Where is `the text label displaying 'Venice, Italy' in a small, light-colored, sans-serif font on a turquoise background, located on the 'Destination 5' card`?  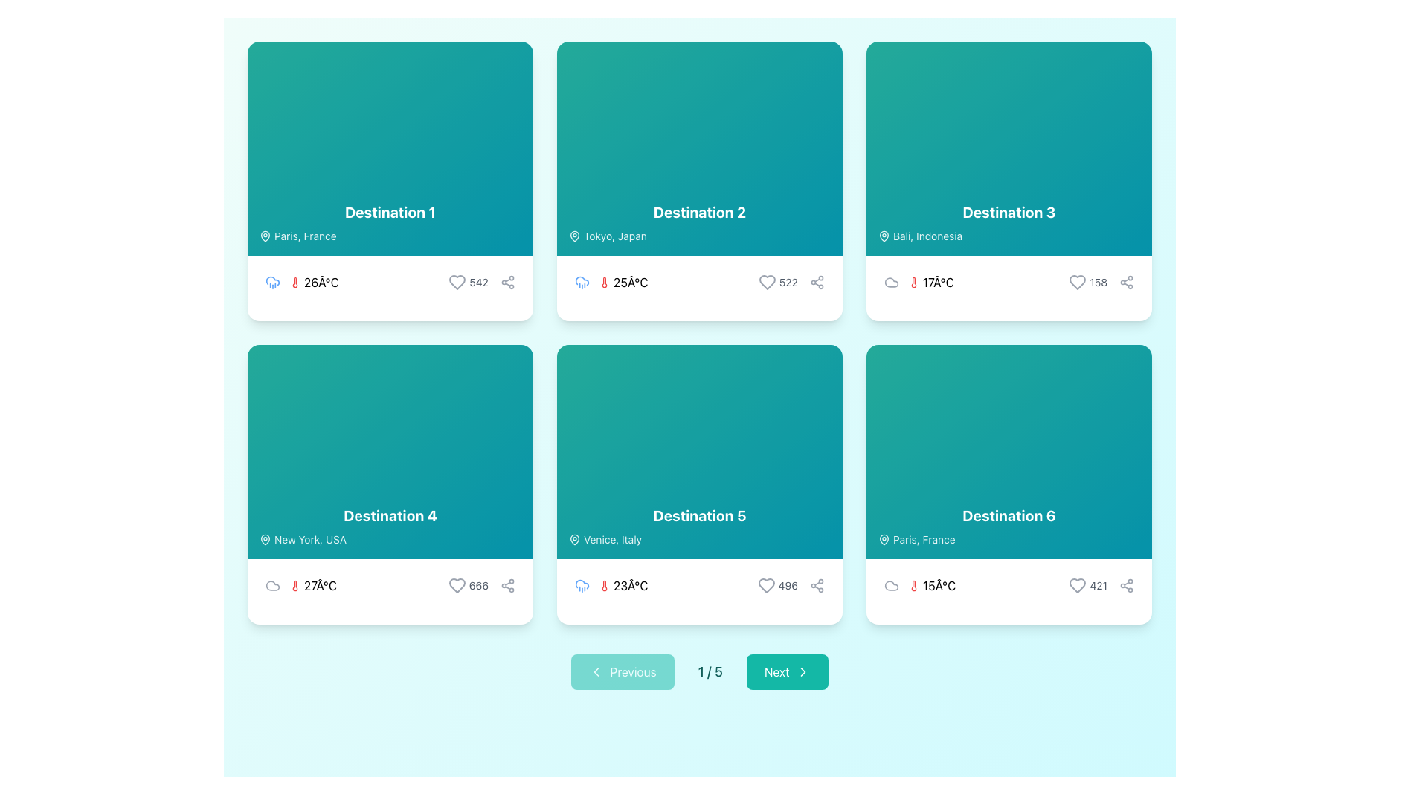
the text label displaying 'Venice, Italy' in a small, light-colored, sans-serif font on a turquoise background, located on the 'Destination 5' card is located at coordinates (613, 539).